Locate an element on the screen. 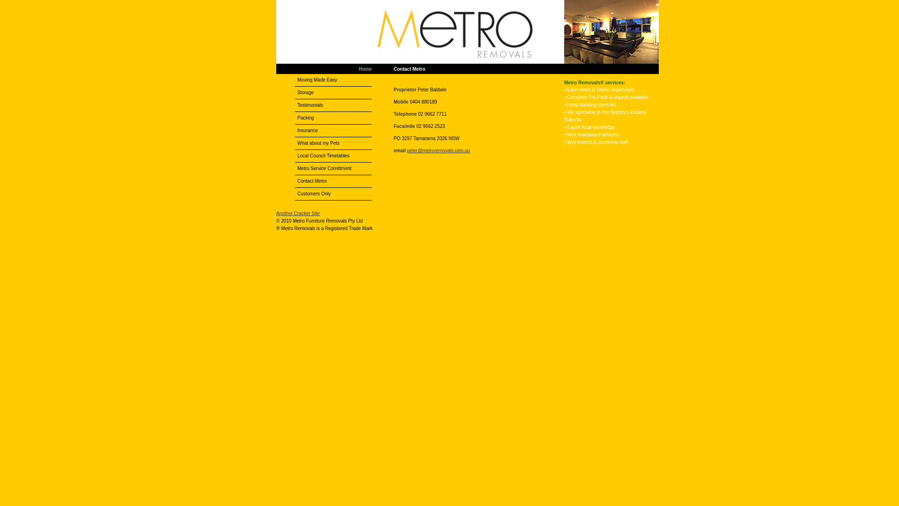 The width and height of the screenshot is (899, 506). 'Packing' is located at coordinates (333, 117).